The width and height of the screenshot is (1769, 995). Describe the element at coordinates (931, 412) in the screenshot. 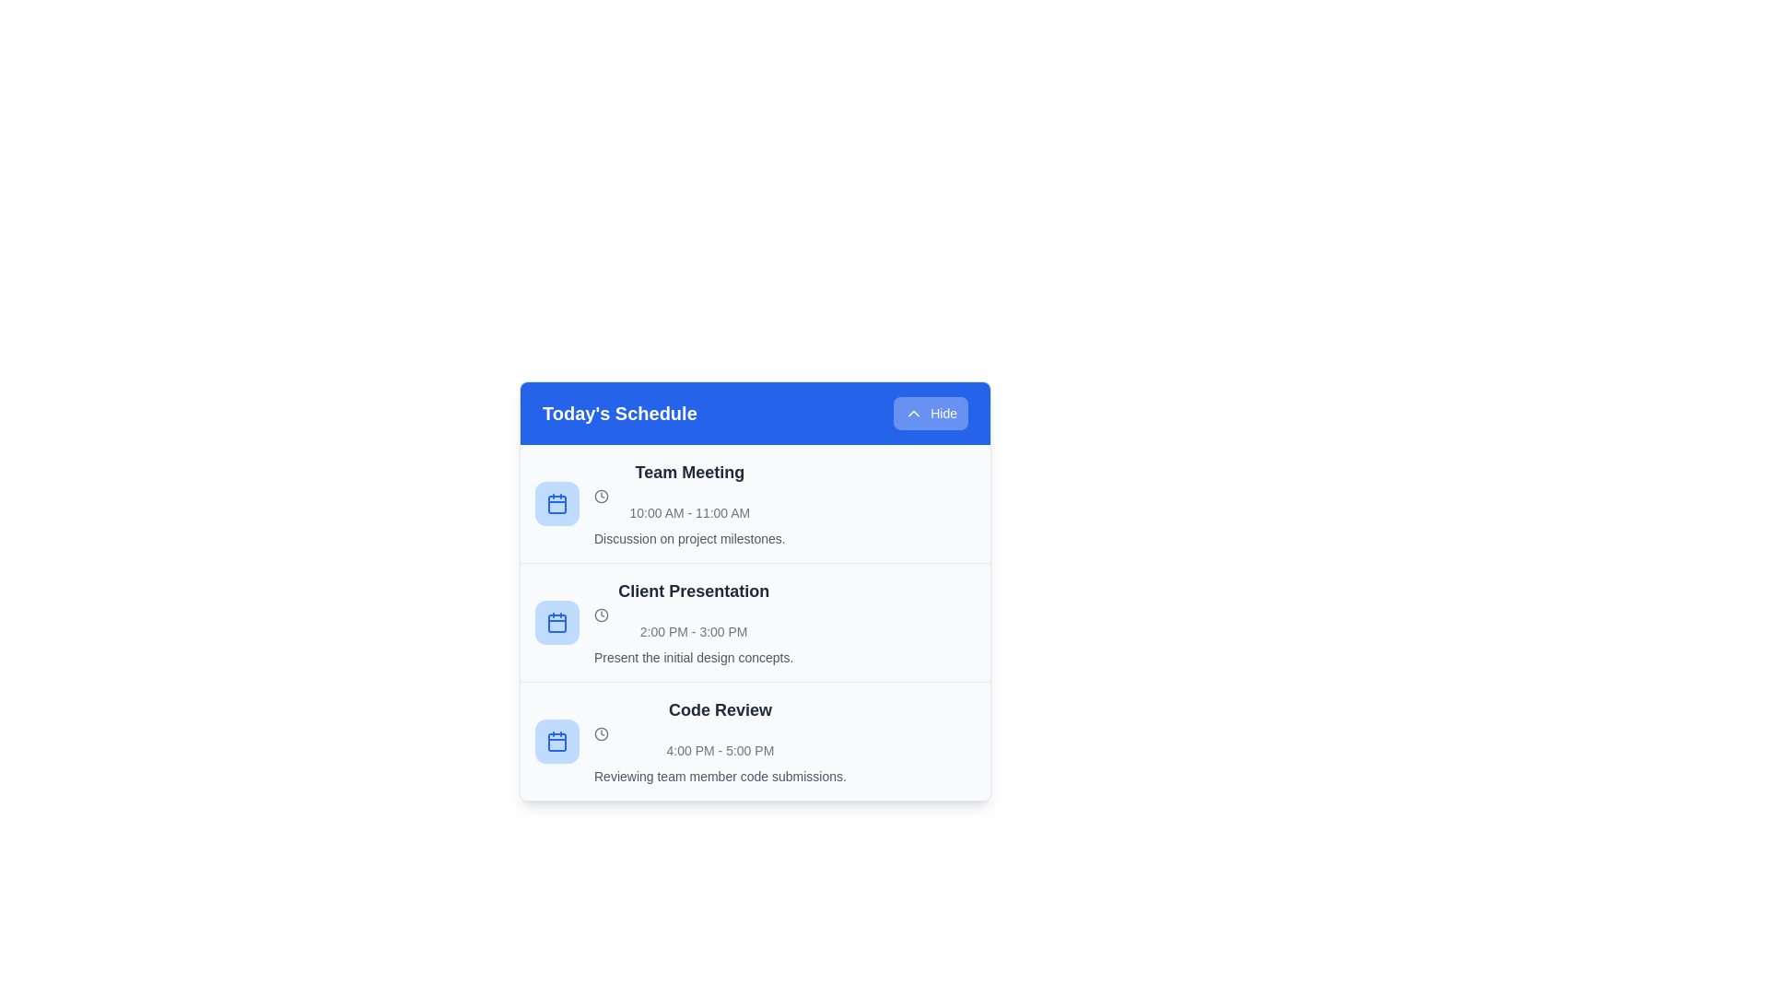

I see `the button located in the top-right corner of the blue bar labeled 'Today's Schedule'` at that location.